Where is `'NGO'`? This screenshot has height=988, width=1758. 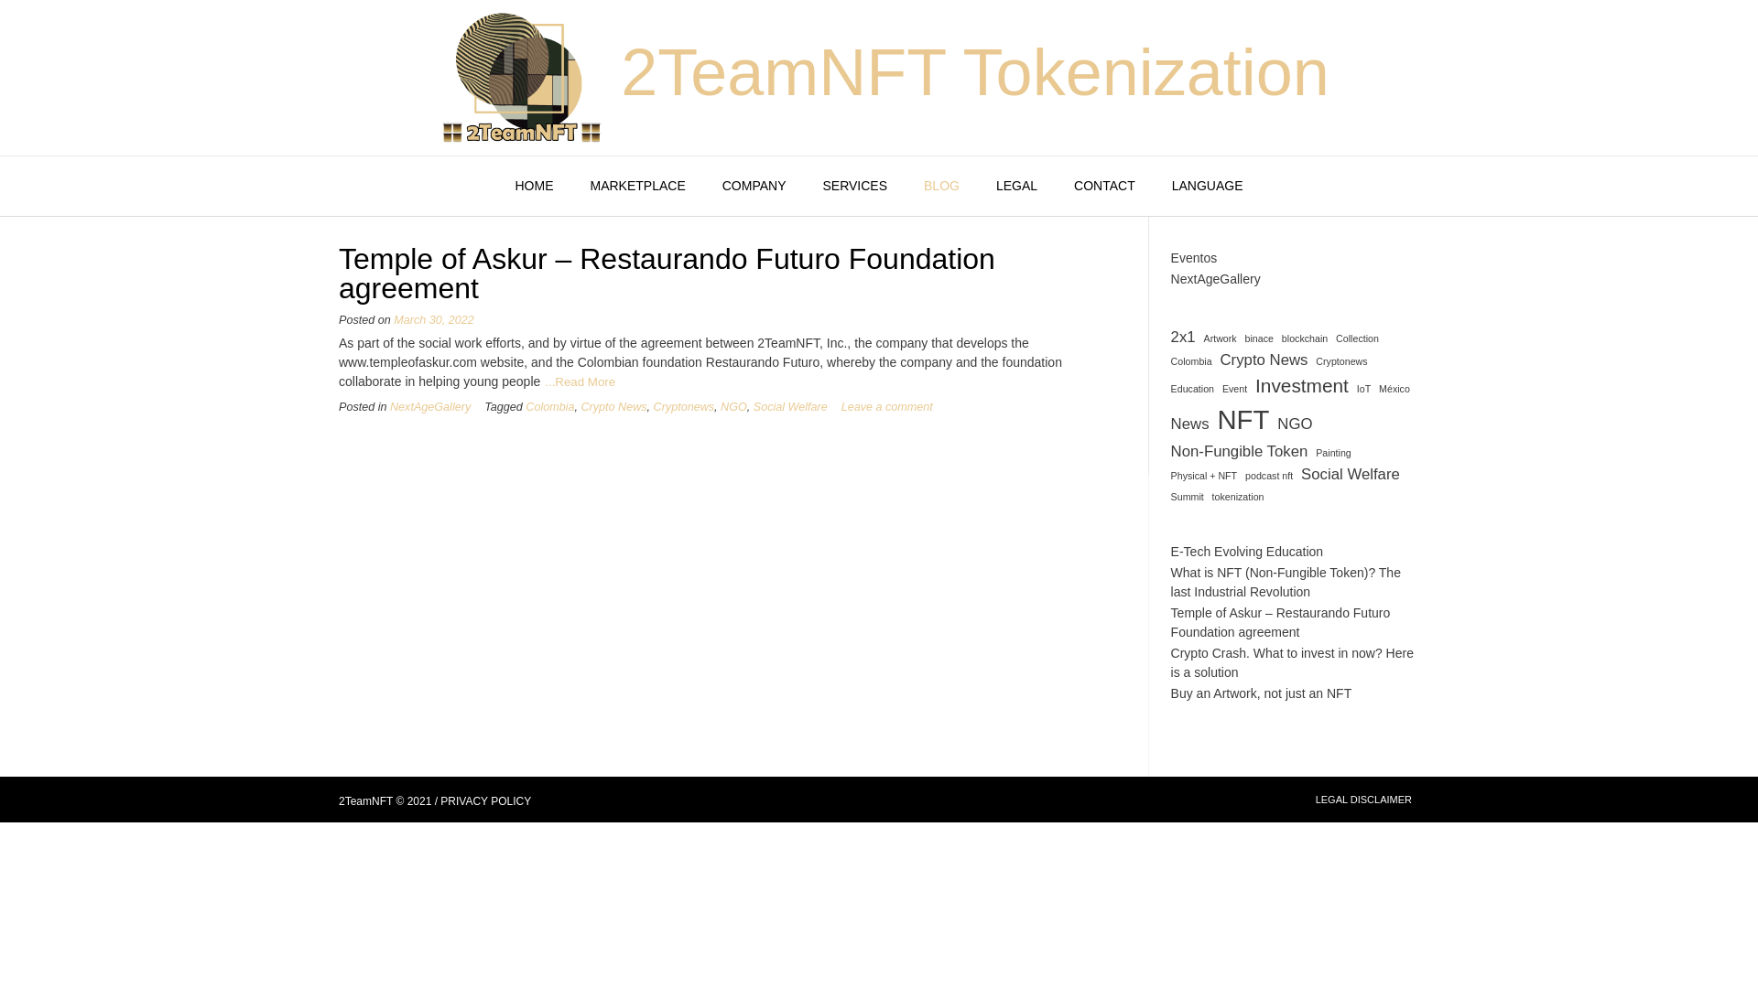 'NGO' is located at coordinates (1276, 424).